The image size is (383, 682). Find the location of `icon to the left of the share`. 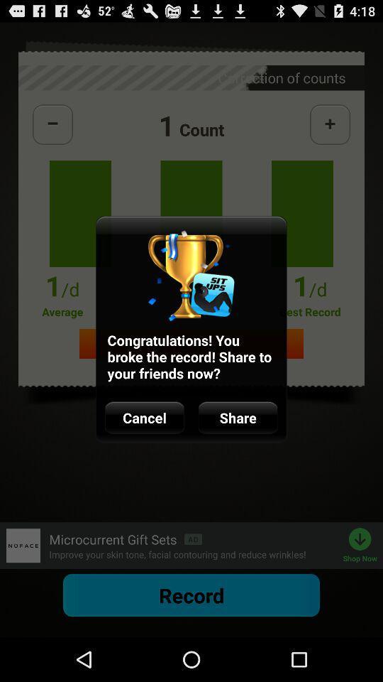

icon to the left of the share is located at coordinates (144, 418).